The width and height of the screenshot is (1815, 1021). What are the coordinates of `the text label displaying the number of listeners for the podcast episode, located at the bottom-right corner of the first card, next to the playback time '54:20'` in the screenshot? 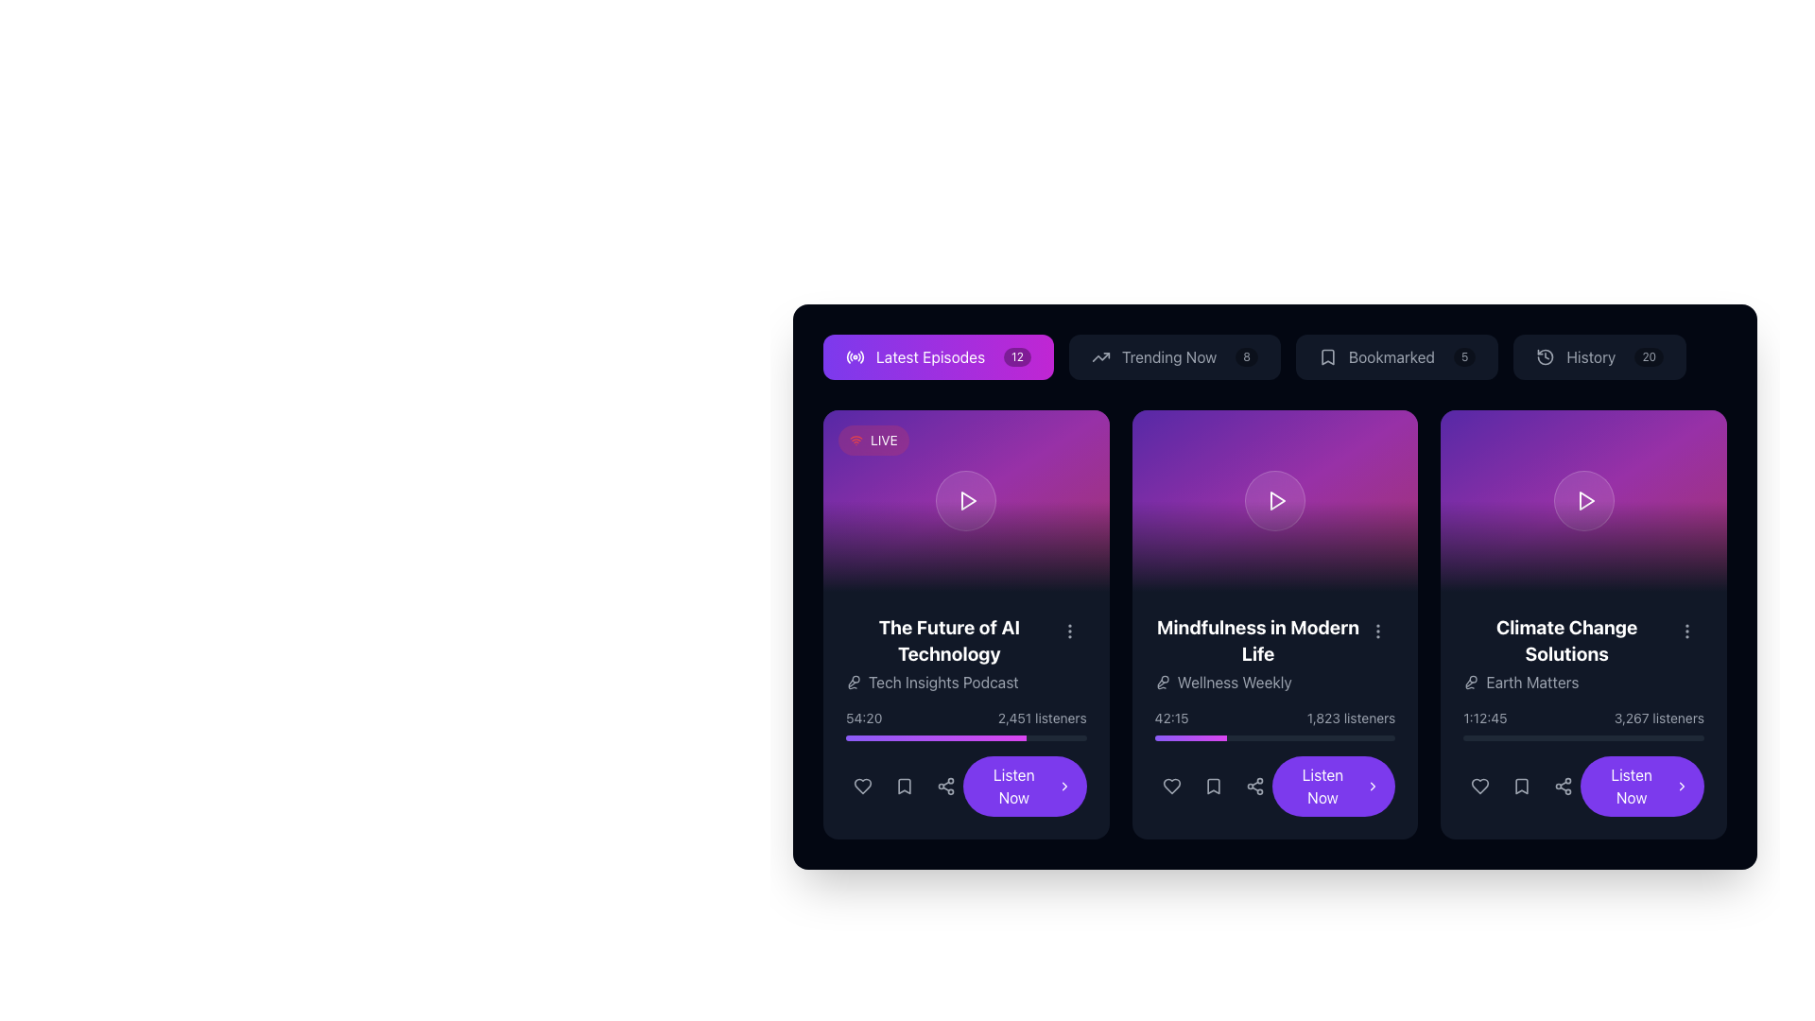 It's located at (1041, 718).